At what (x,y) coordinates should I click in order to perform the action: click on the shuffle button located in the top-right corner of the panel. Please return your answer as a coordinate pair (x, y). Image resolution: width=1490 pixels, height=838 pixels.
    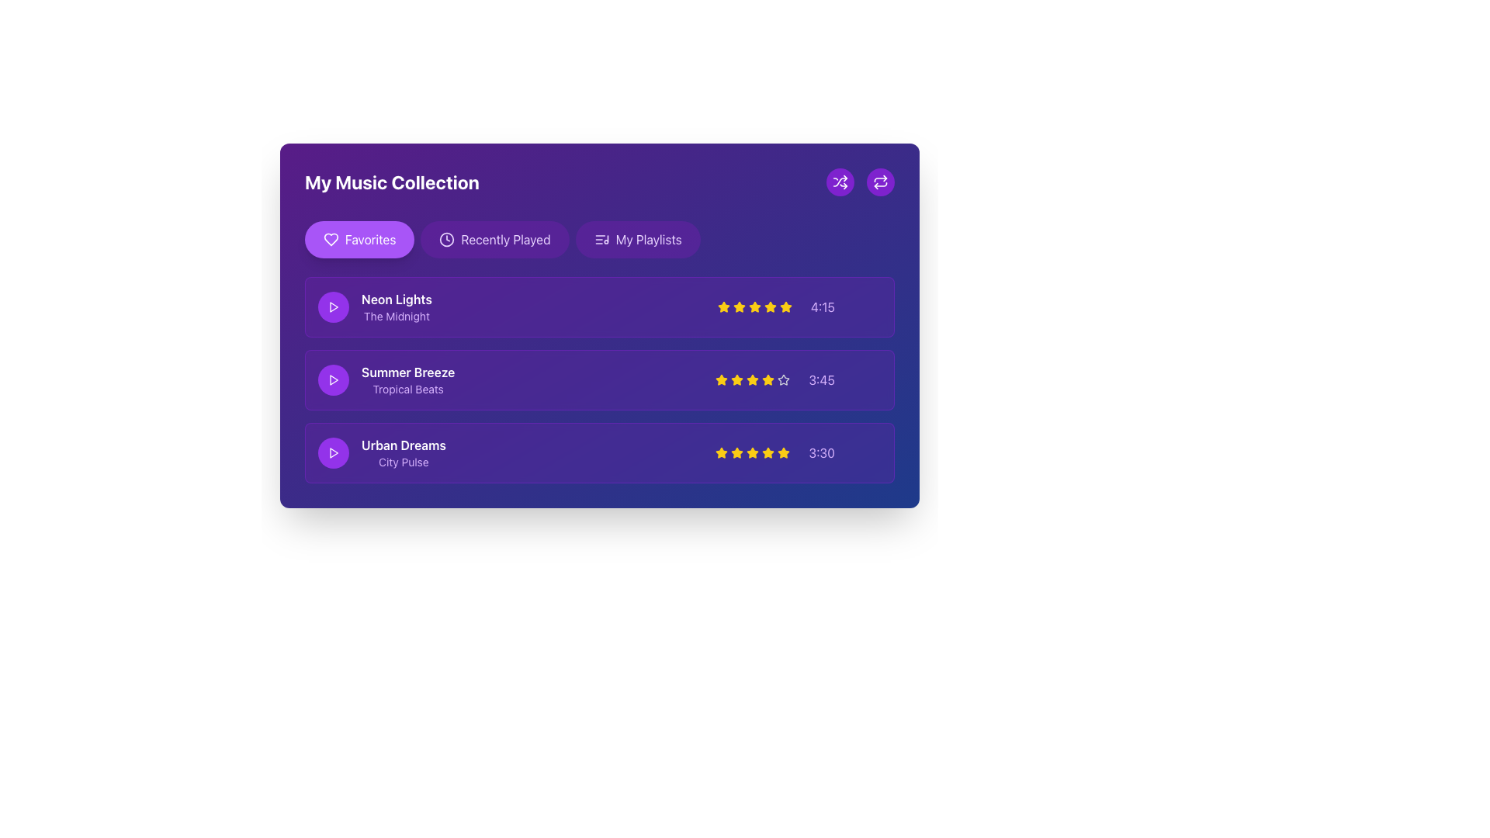
    Looking at the image, I should click on (840, 182).